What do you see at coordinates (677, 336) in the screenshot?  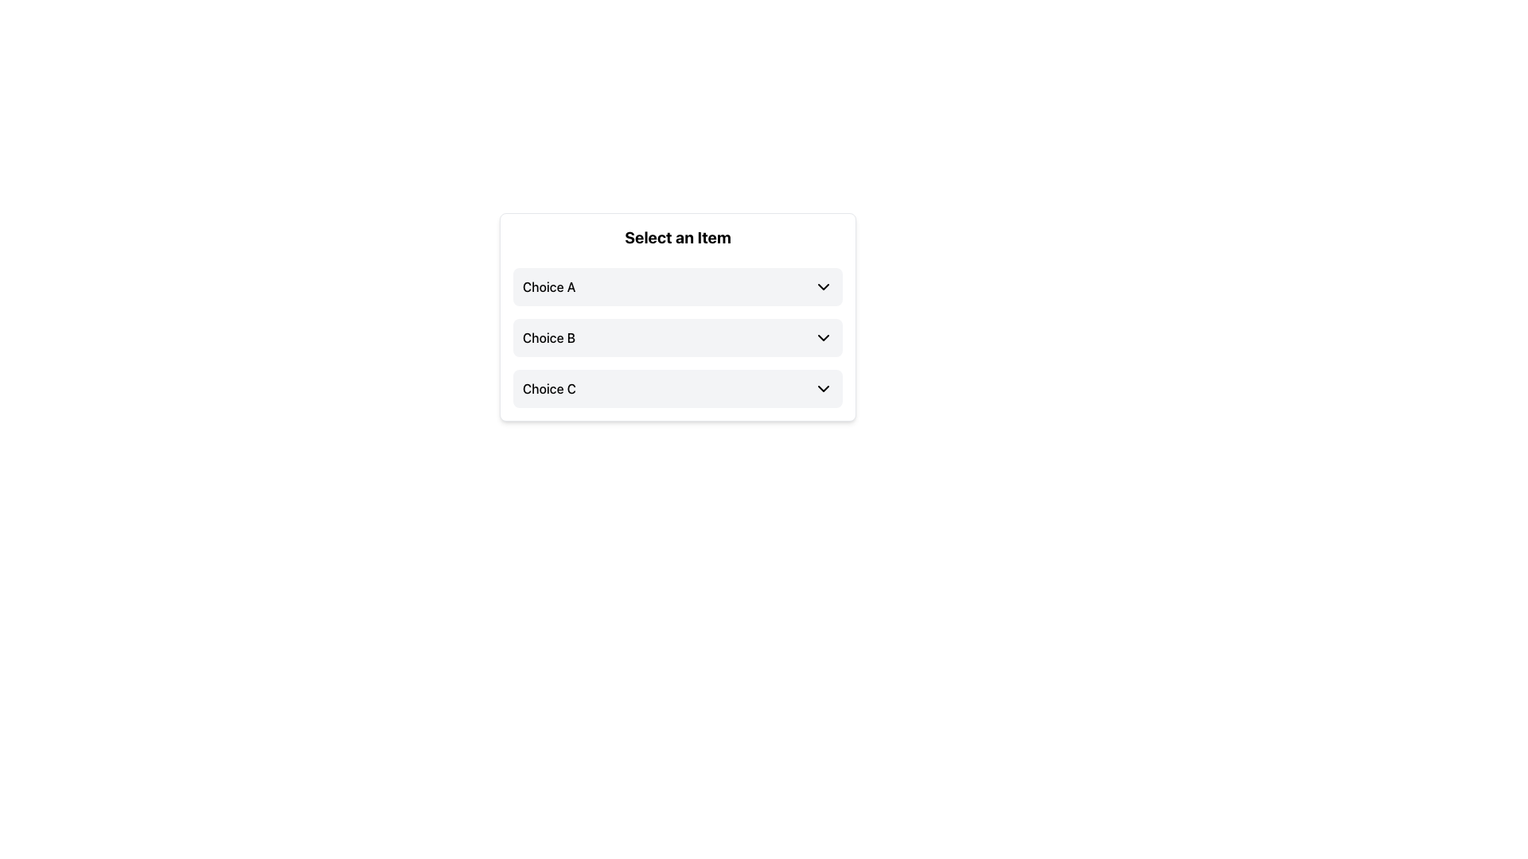 I see `the second option in the list labeled 'Choice B'` at bounding box center [677, 336].